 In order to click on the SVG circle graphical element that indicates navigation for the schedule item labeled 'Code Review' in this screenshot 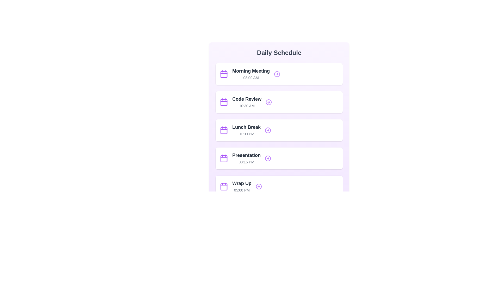, I will do `click(269, 102)`.